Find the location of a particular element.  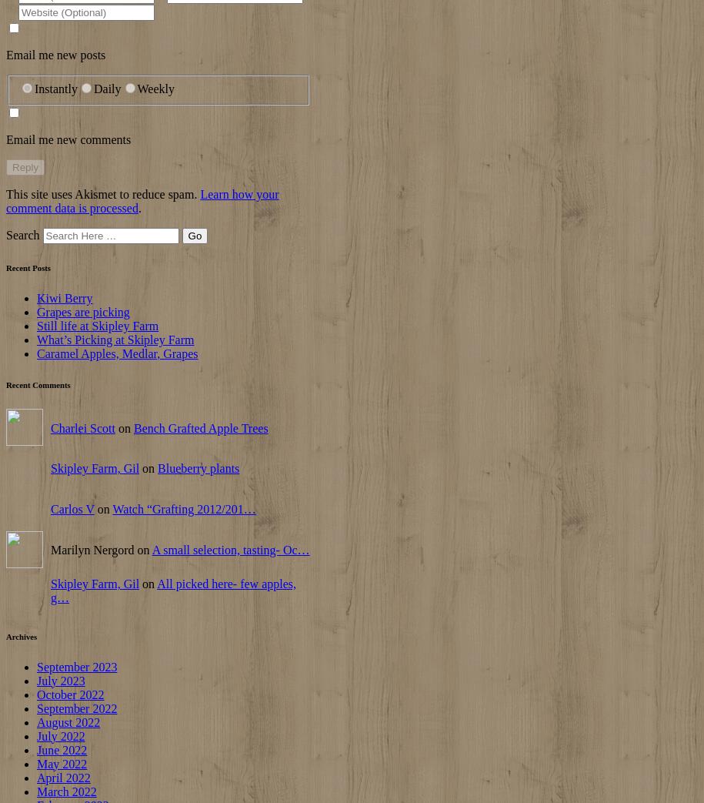

'.' is located at coordinates (138, 207).